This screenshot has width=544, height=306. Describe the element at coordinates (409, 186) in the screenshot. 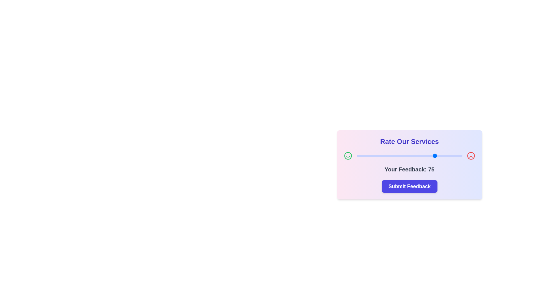

I see `the 'Submit Feedback' button located at its center` at that location.